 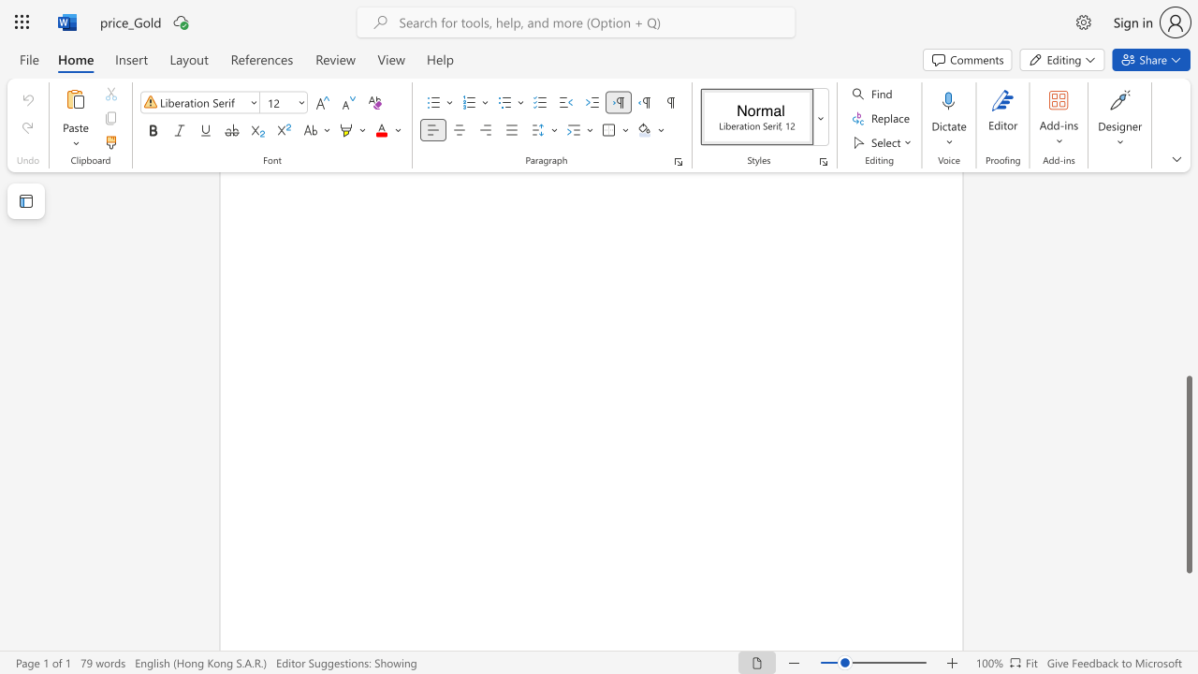 I want to click on the scrollbar and move up 10 pixels, so click(x=1188, y=473).